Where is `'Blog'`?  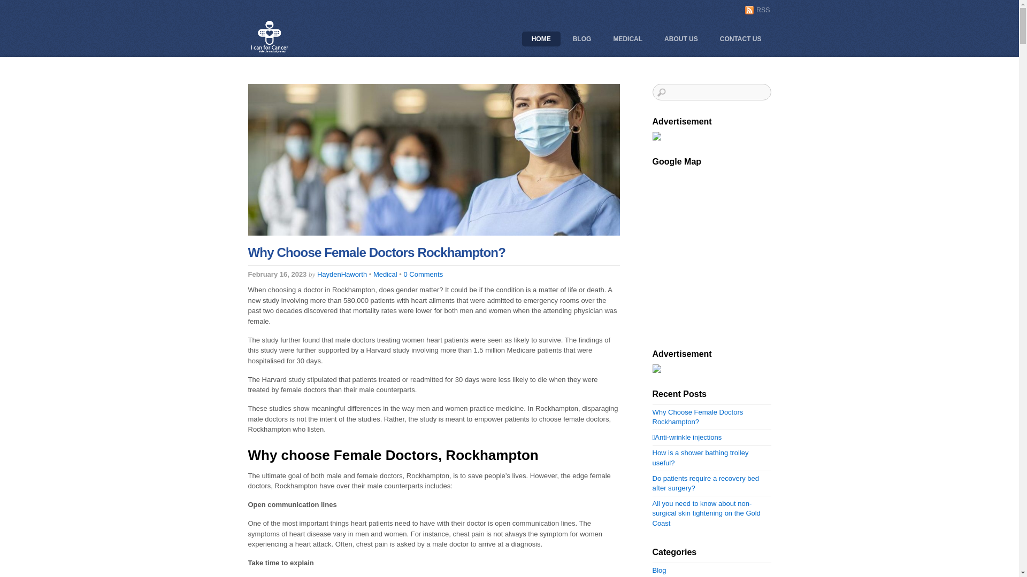 'Blog' is located at coordinates (659, 570).